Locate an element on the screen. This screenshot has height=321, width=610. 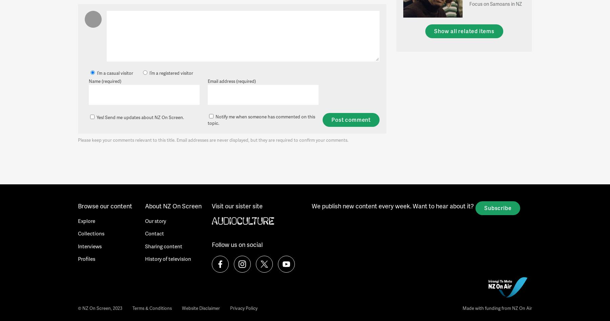
'Terms & Conditions' is located at coordinates (152, 307).